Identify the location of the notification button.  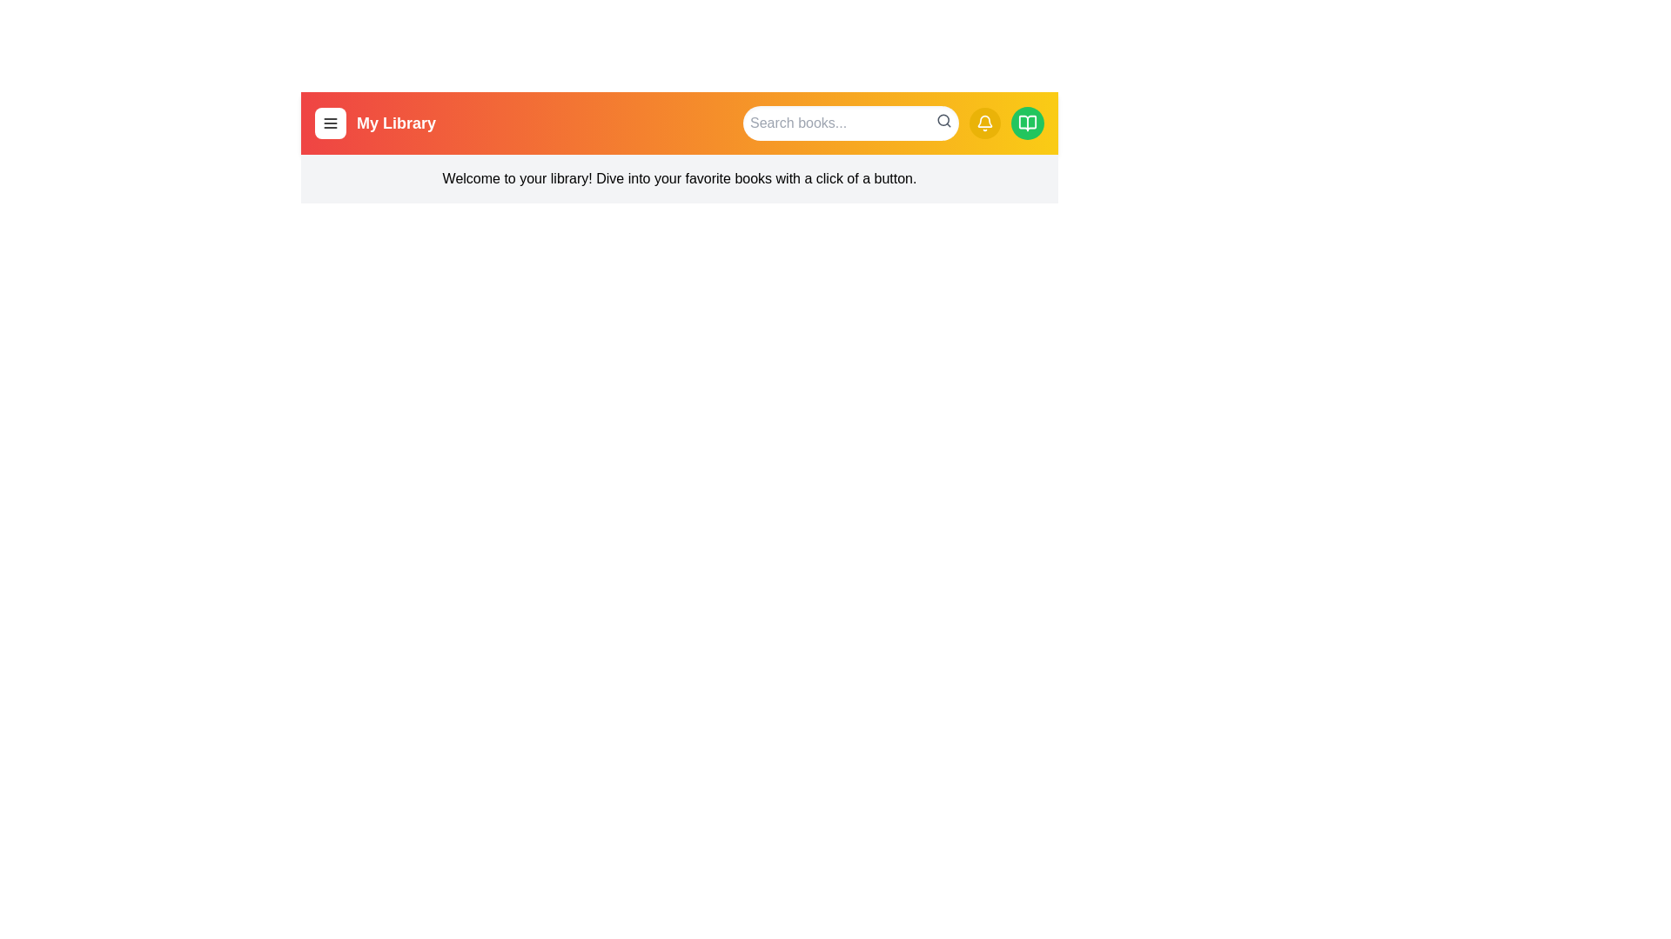
(985, 123).